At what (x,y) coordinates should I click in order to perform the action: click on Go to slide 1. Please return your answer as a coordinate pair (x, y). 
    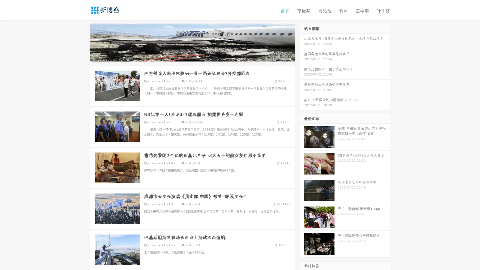
    Looking at the image, I should click on (187, 56).